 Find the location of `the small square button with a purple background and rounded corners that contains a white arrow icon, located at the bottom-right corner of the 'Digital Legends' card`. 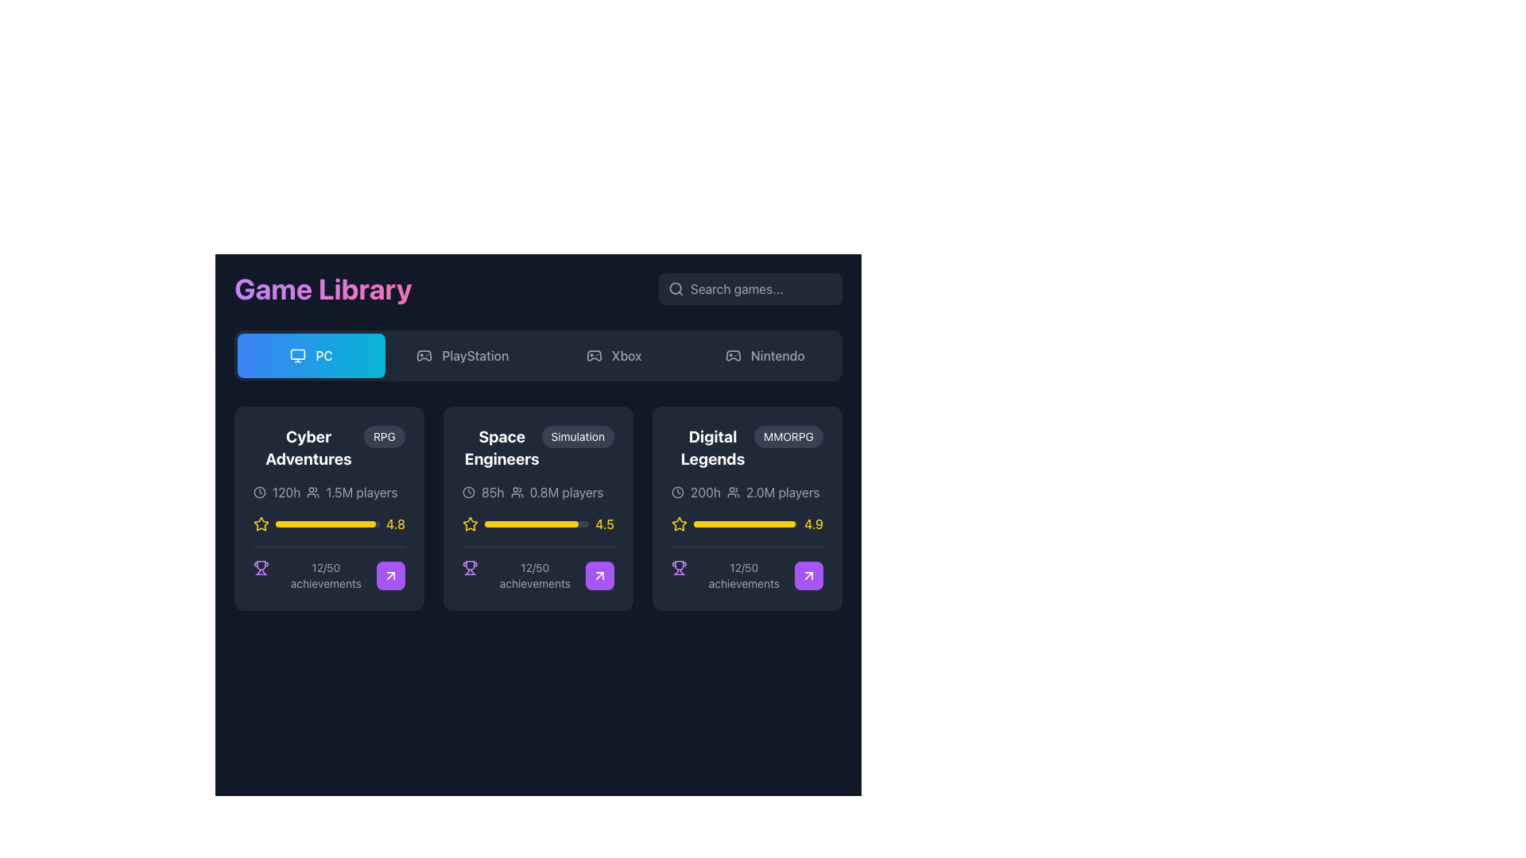

the small square button with a purple background and rounded corners that contains a white arrow icon, located at the bottom-right corner of the 'Digital Legends' card is located at coordinates (598, 576).